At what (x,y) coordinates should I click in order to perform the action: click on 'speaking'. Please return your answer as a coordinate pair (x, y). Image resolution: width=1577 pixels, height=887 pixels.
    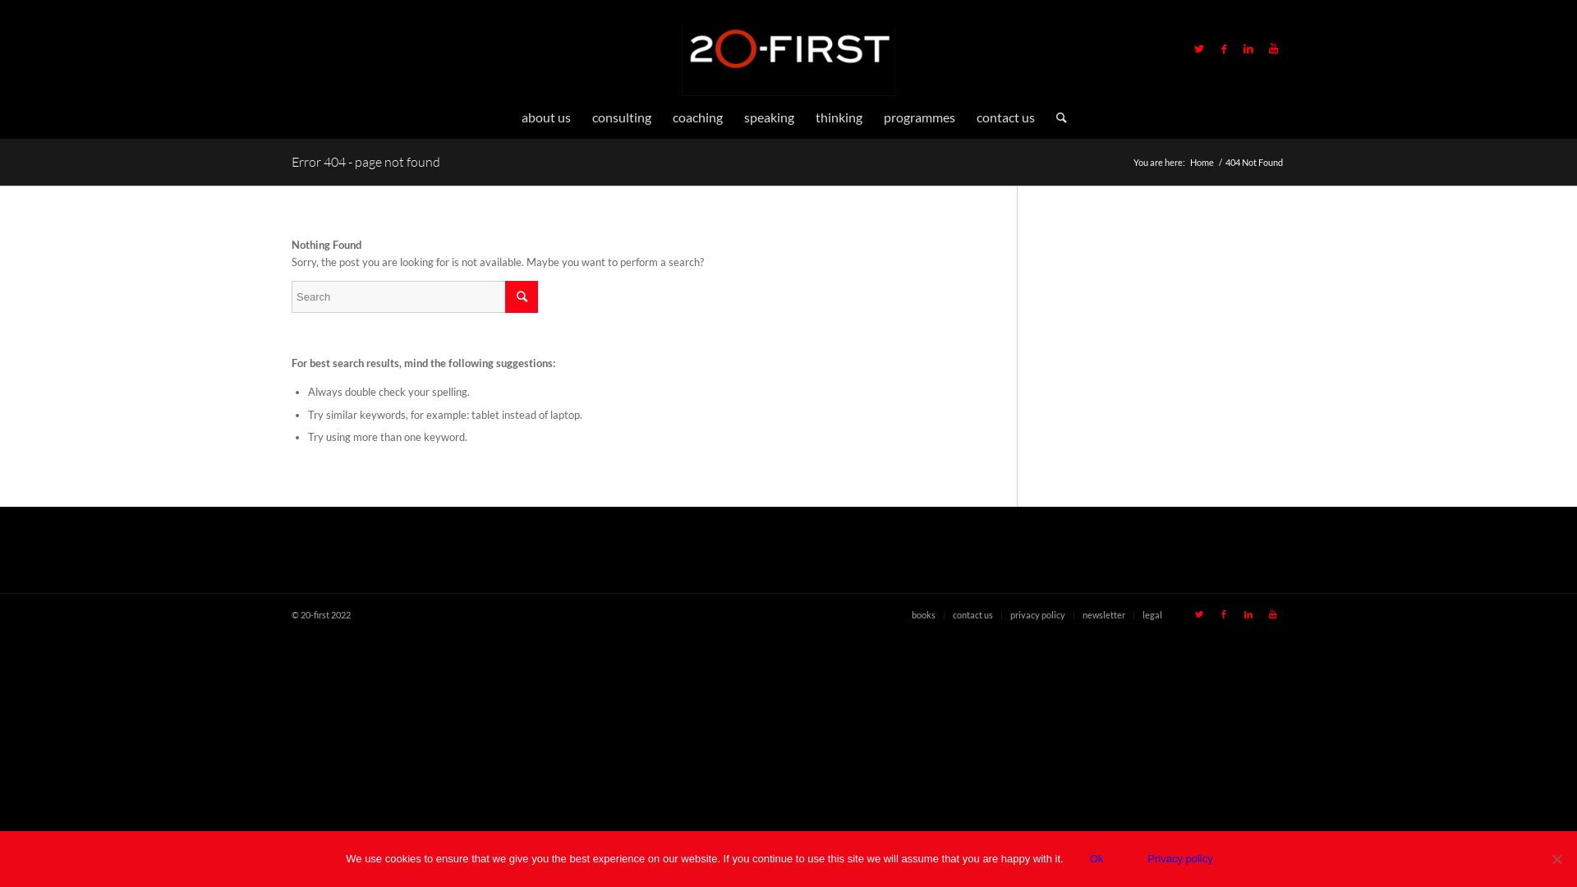
    Looking at the image, I should click on (767, 116).